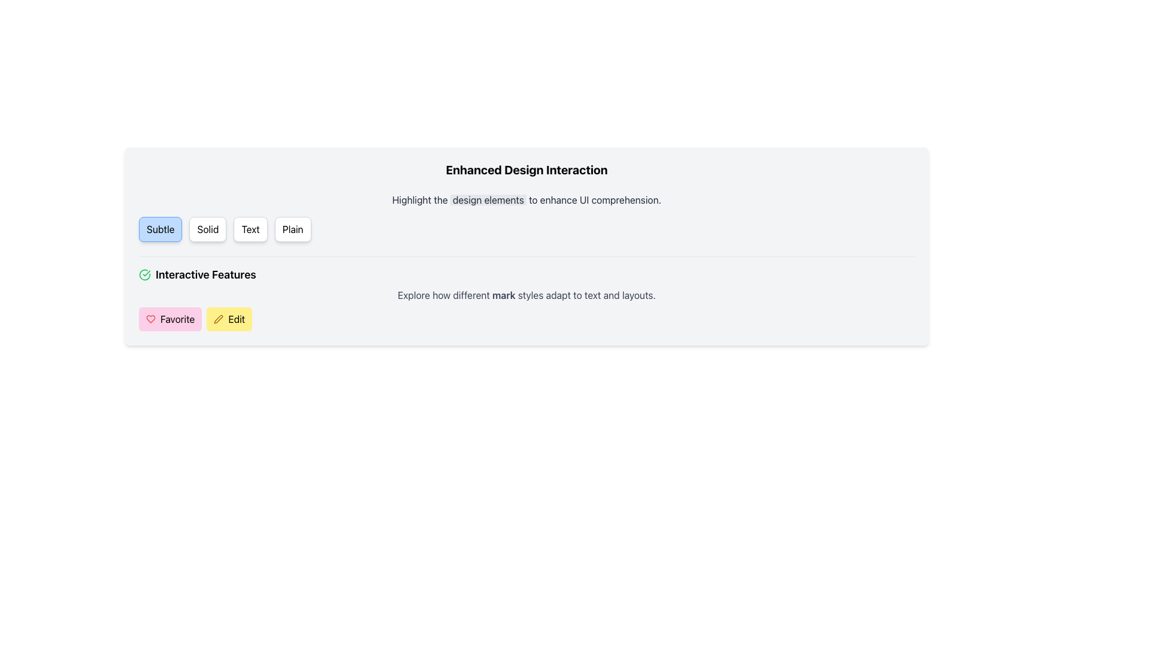  What do you see at coordinates (160, 229) in the screenshot?
I see `the 'Subtle' button located at the top-left section of the interface to trigger hover effects` at bounding box center [160, 229].